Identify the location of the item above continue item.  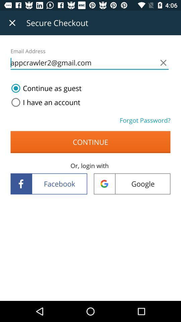
(144, 120).